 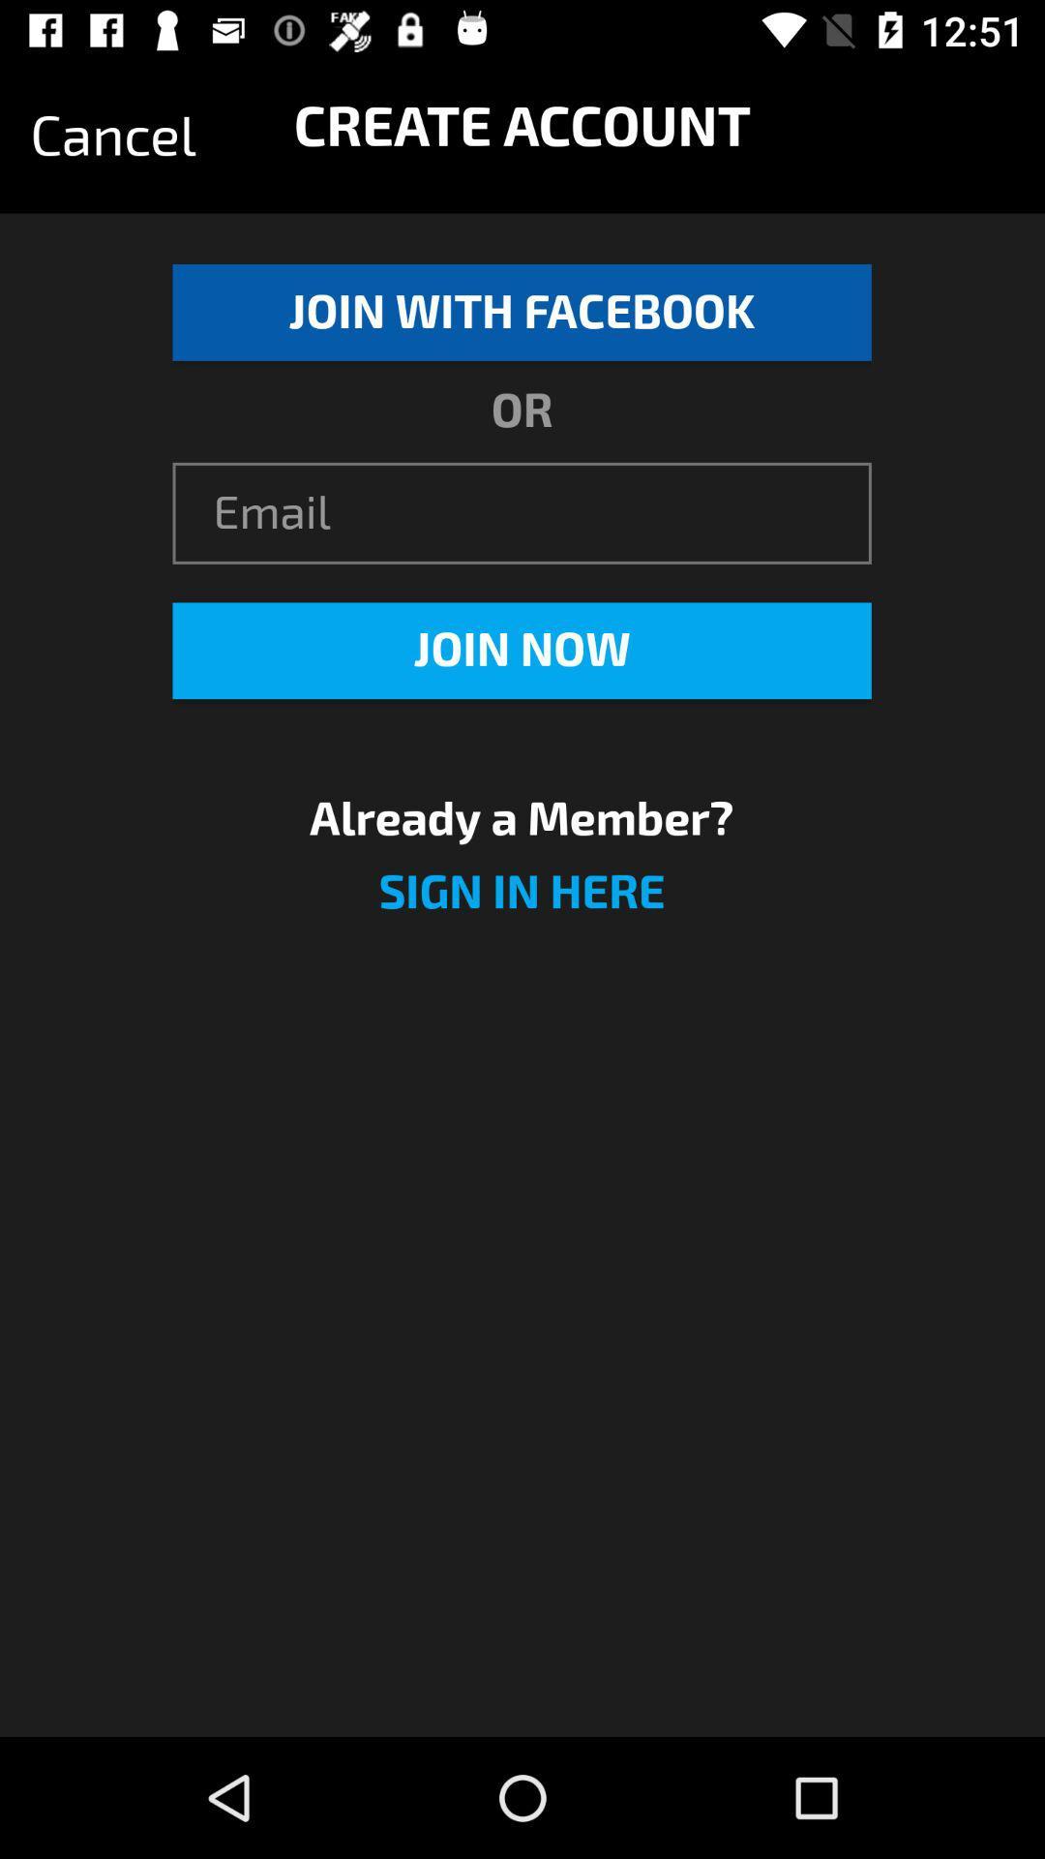 What do you see at coordinates (113, 136) in the screenshot?
I see `the item above the join with facebook icon` at bounding box center [113, 136].